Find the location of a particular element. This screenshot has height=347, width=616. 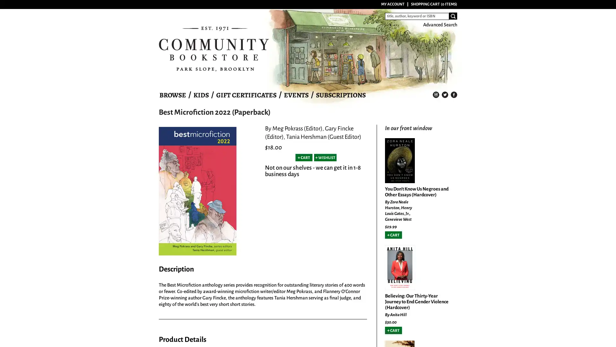

Add to Cart is located at coordinates (393, 330).